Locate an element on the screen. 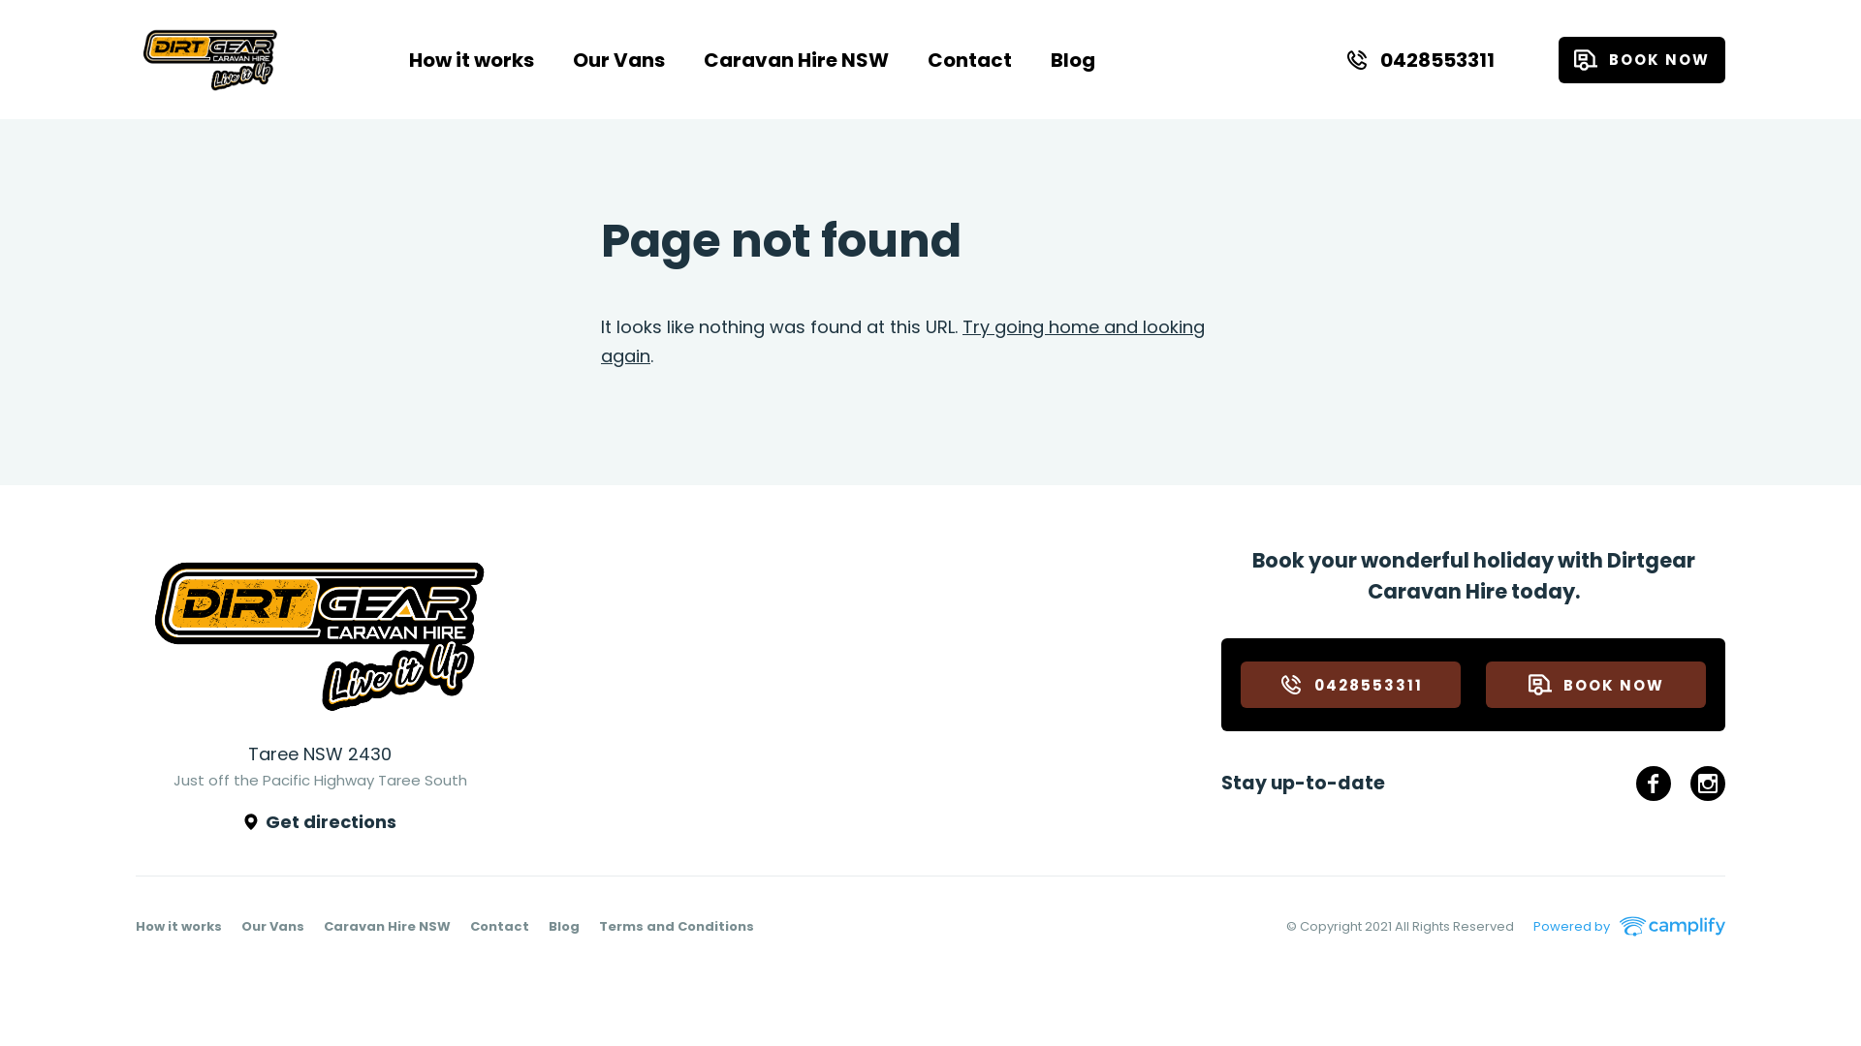 This screenshot has width=1861, height=1046. 'Caravan Hire NSW' is located at coordinates (387, 925).